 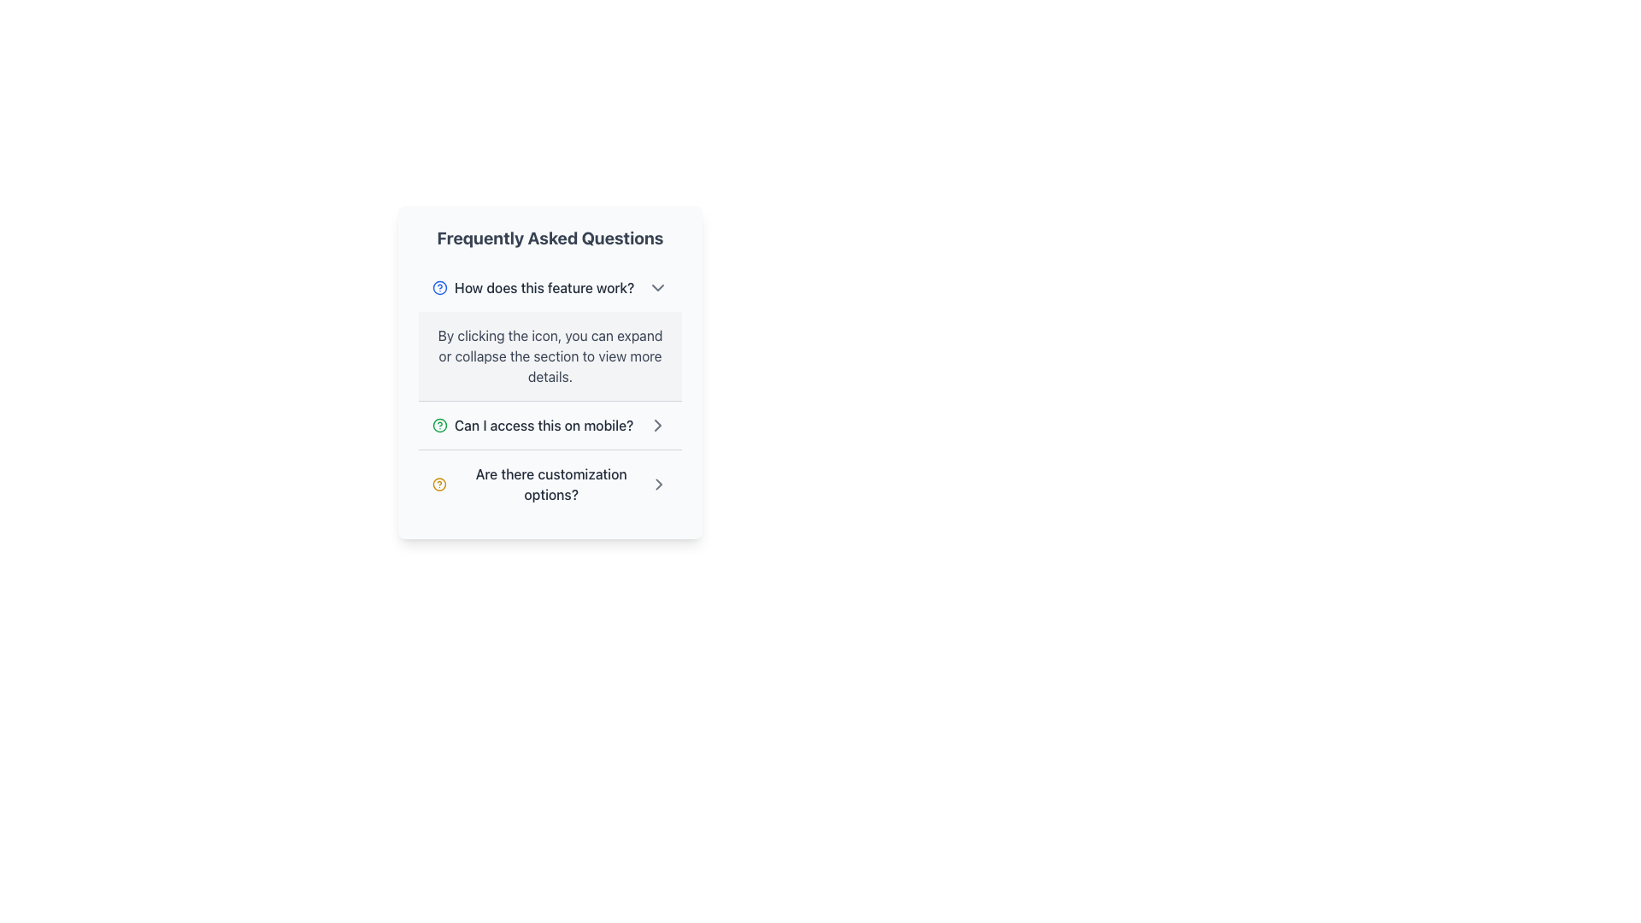 I want to click on the first FAQ entry text with icon, so click(x=532, y=286).